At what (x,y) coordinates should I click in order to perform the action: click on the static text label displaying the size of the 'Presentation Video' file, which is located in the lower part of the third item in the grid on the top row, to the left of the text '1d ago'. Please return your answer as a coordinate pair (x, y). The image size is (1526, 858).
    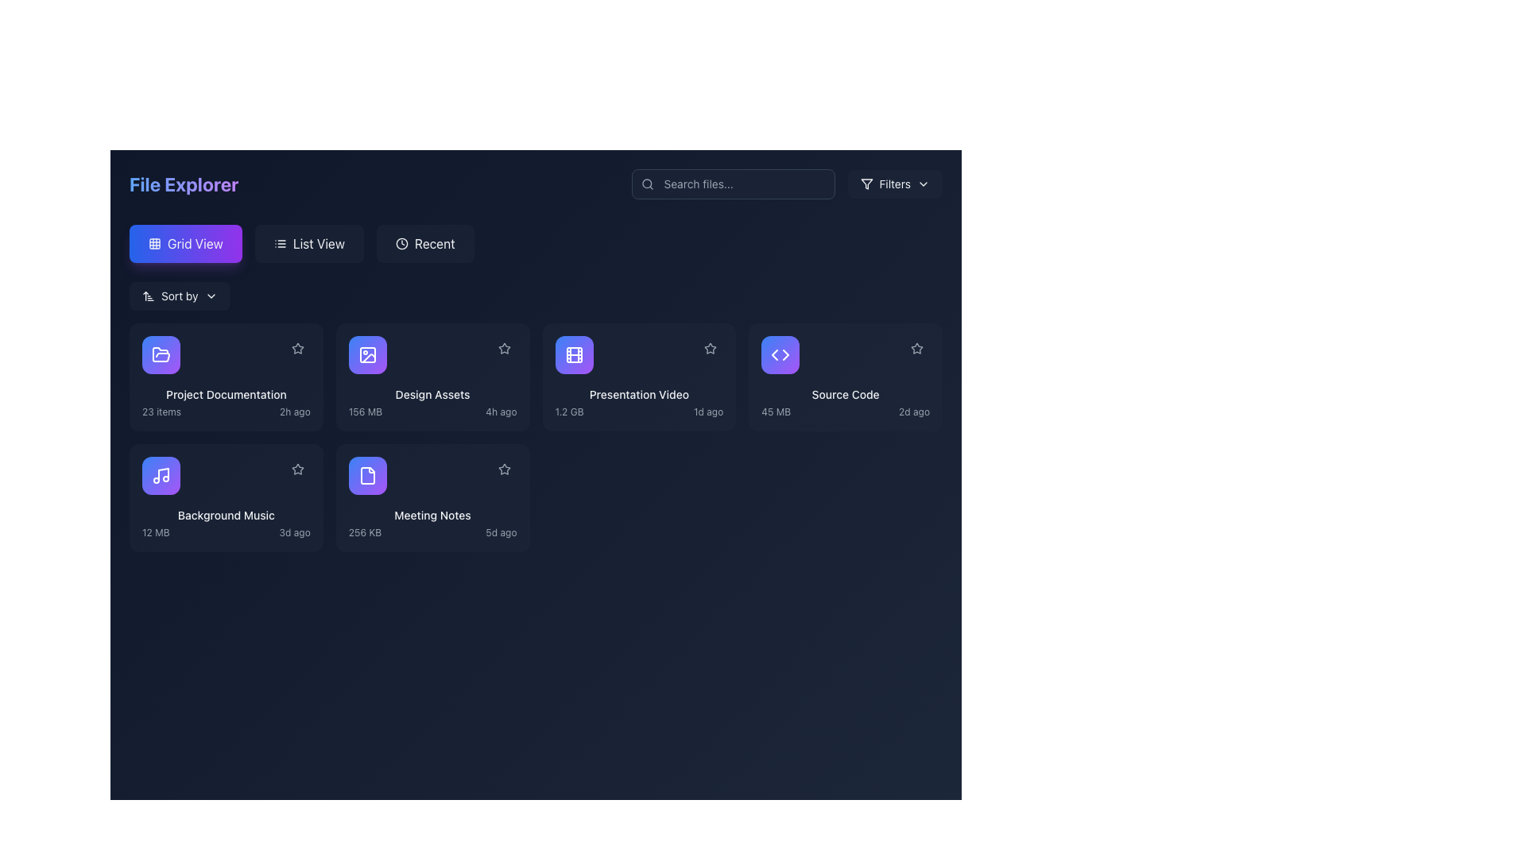
    Looking at the image, I should click on (569, 412).